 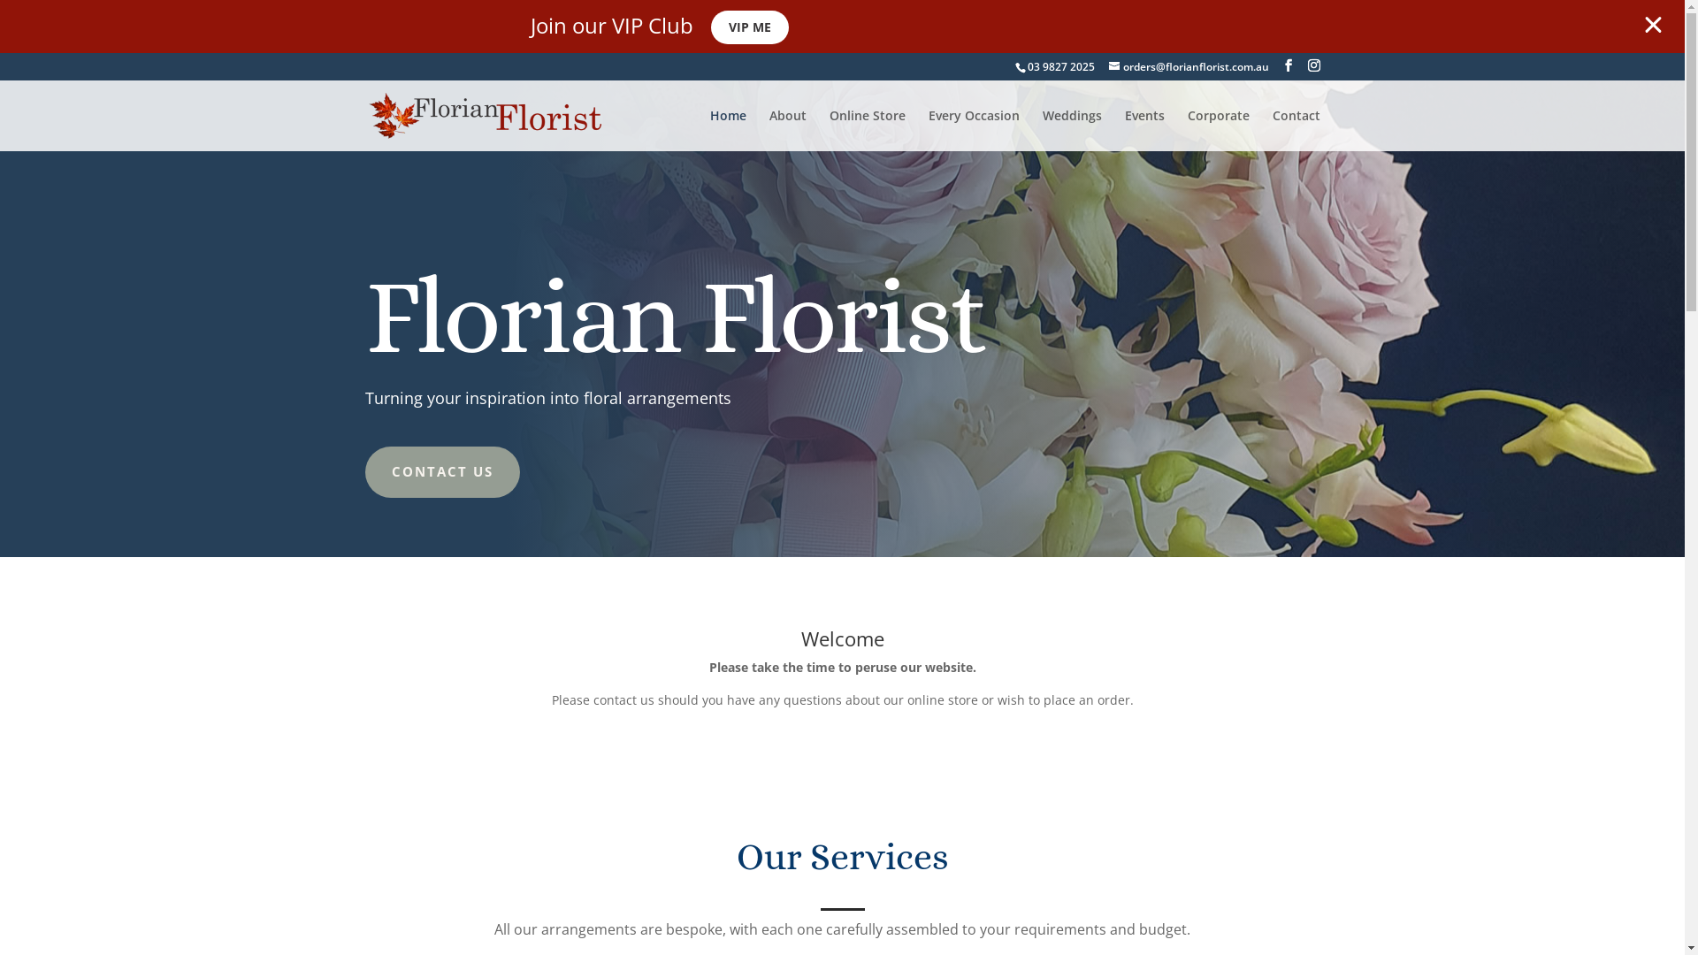 I want to click on 'Corporate', so click(x=1187, y=129).